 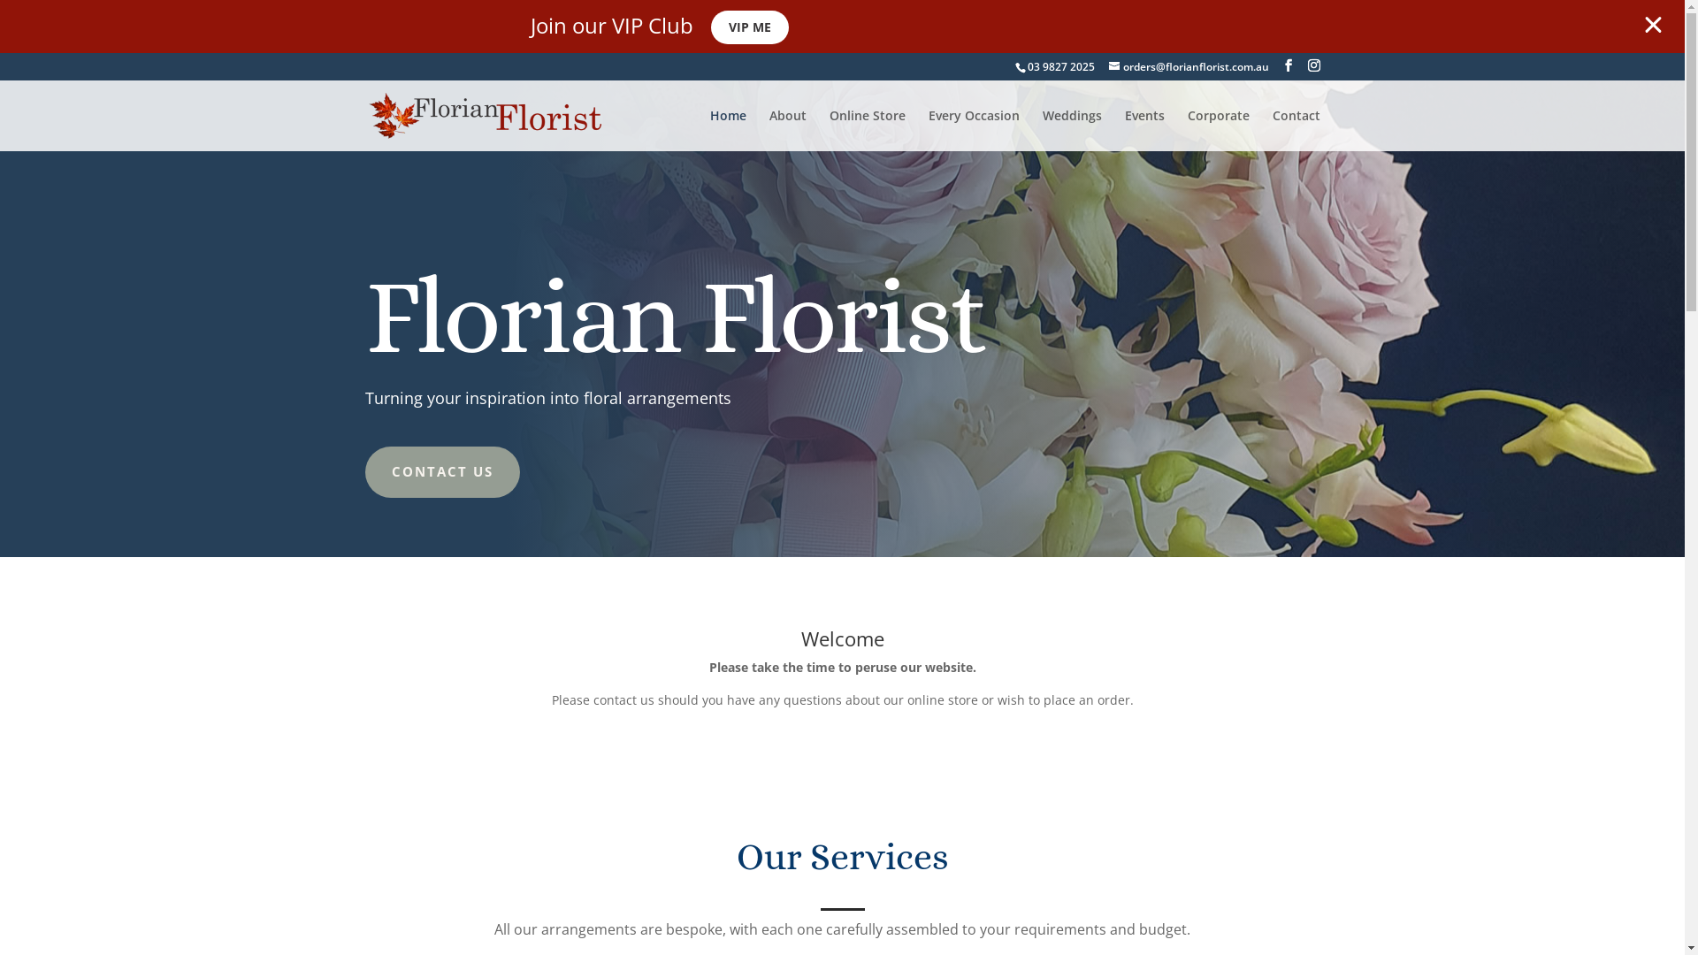 I want to click on 'Corporate', so click(x=1187, y=129).